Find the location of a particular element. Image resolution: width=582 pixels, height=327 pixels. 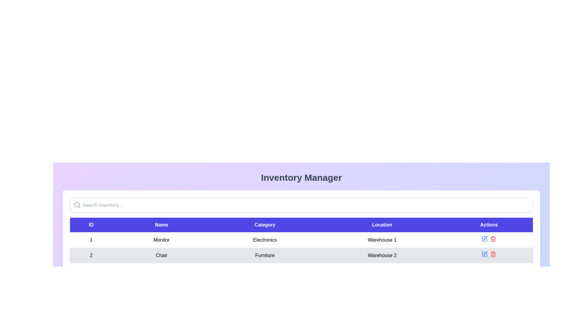

the text element that serves as the identifier for the row in the table, located in the first column of the first row is located at coordinates (91, 239).